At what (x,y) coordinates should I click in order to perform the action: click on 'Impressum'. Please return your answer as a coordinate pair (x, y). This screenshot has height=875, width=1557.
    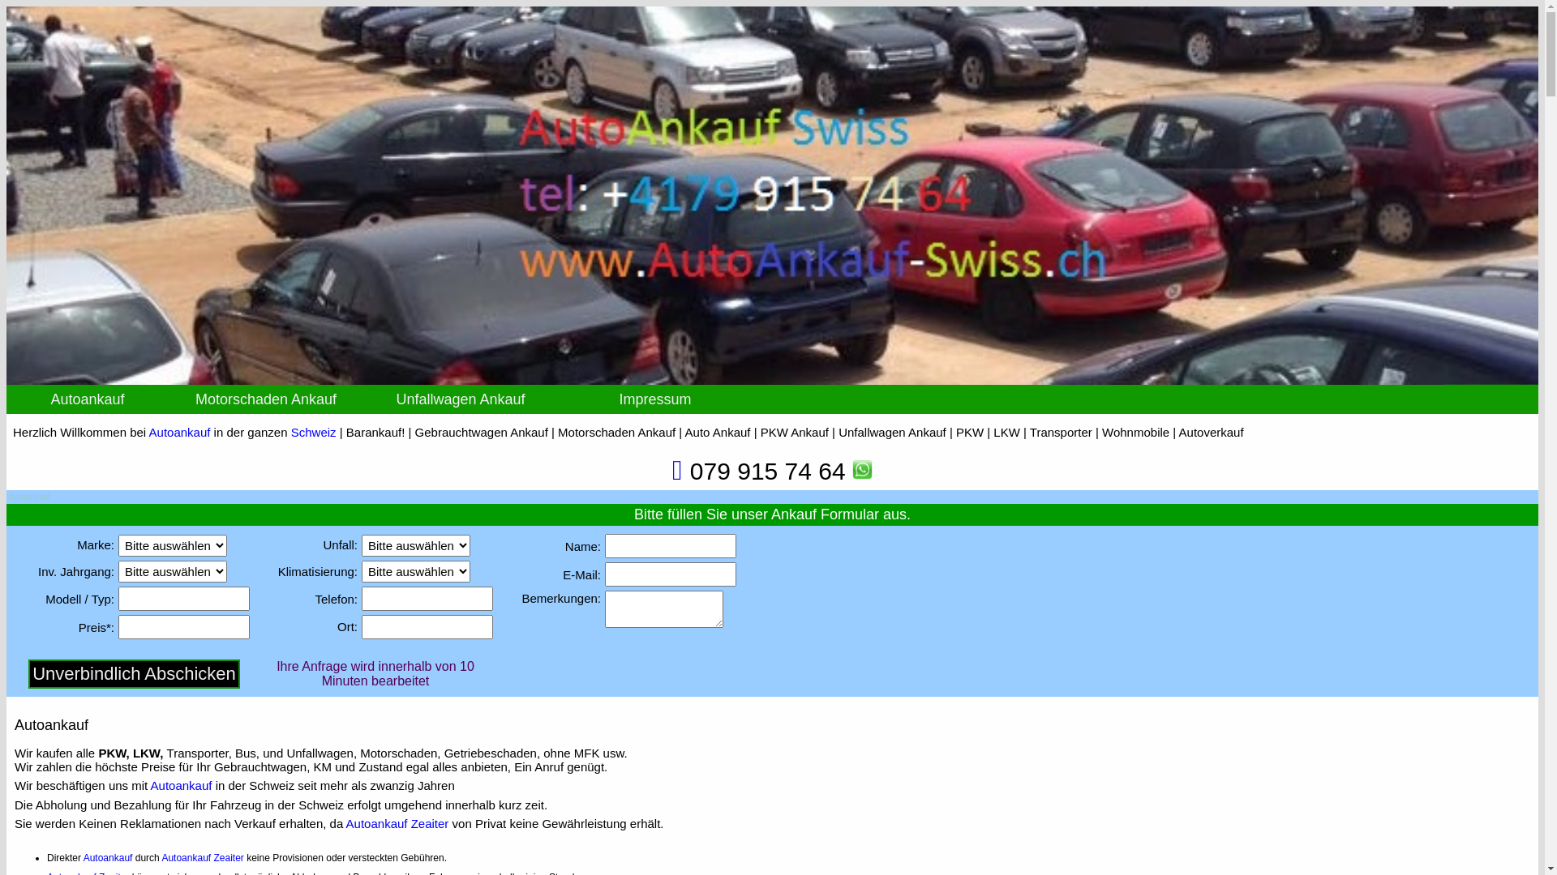
    Looking at the image, I should click on (654, 399).